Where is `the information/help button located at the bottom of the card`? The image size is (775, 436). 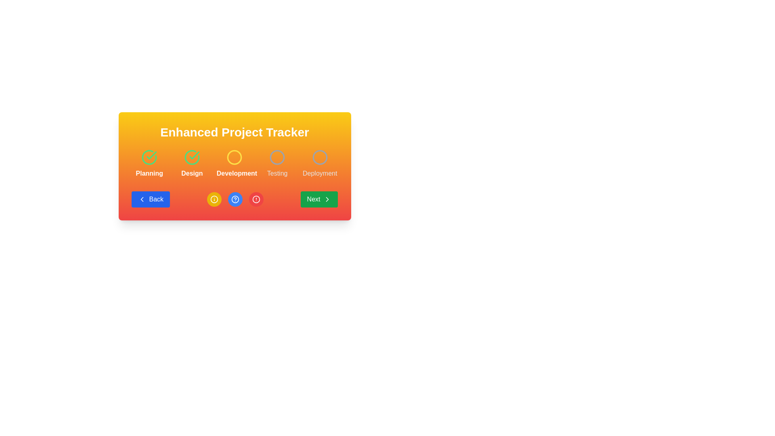
the information/help button located at the bottom of the card is located at coordinates (214, 199).